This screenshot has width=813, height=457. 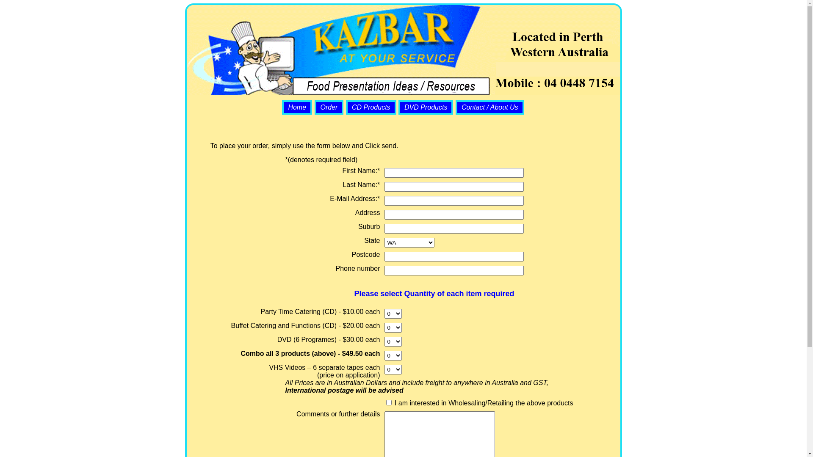 I want to click on 'DVD Products', so click(x=426, y=107).